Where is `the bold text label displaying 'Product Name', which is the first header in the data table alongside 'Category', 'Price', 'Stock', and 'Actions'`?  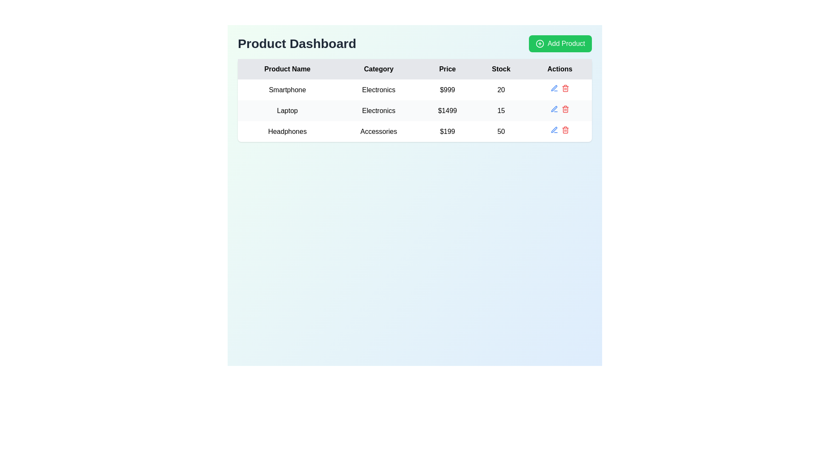
the bold text label displaying 'Product Name', which is the first header in the data table alongside 'Category', 'Price', 'Stock', and 'Actions' is located at coordinates (287, 68).